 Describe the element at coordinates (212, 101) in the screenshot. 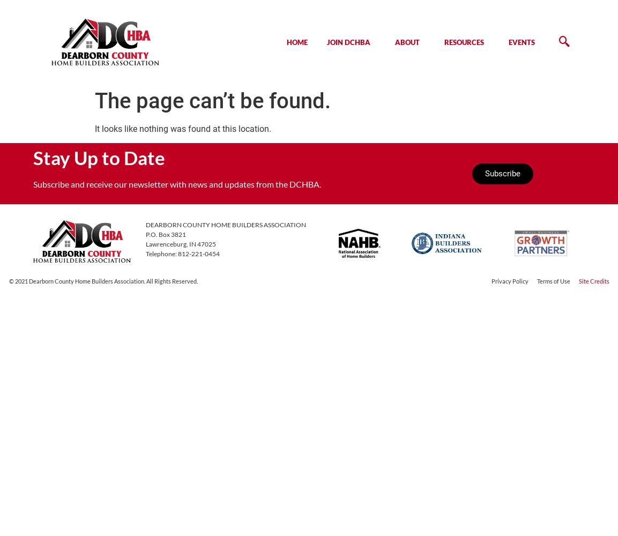

I see `'The page can’t be found.'` at that location.